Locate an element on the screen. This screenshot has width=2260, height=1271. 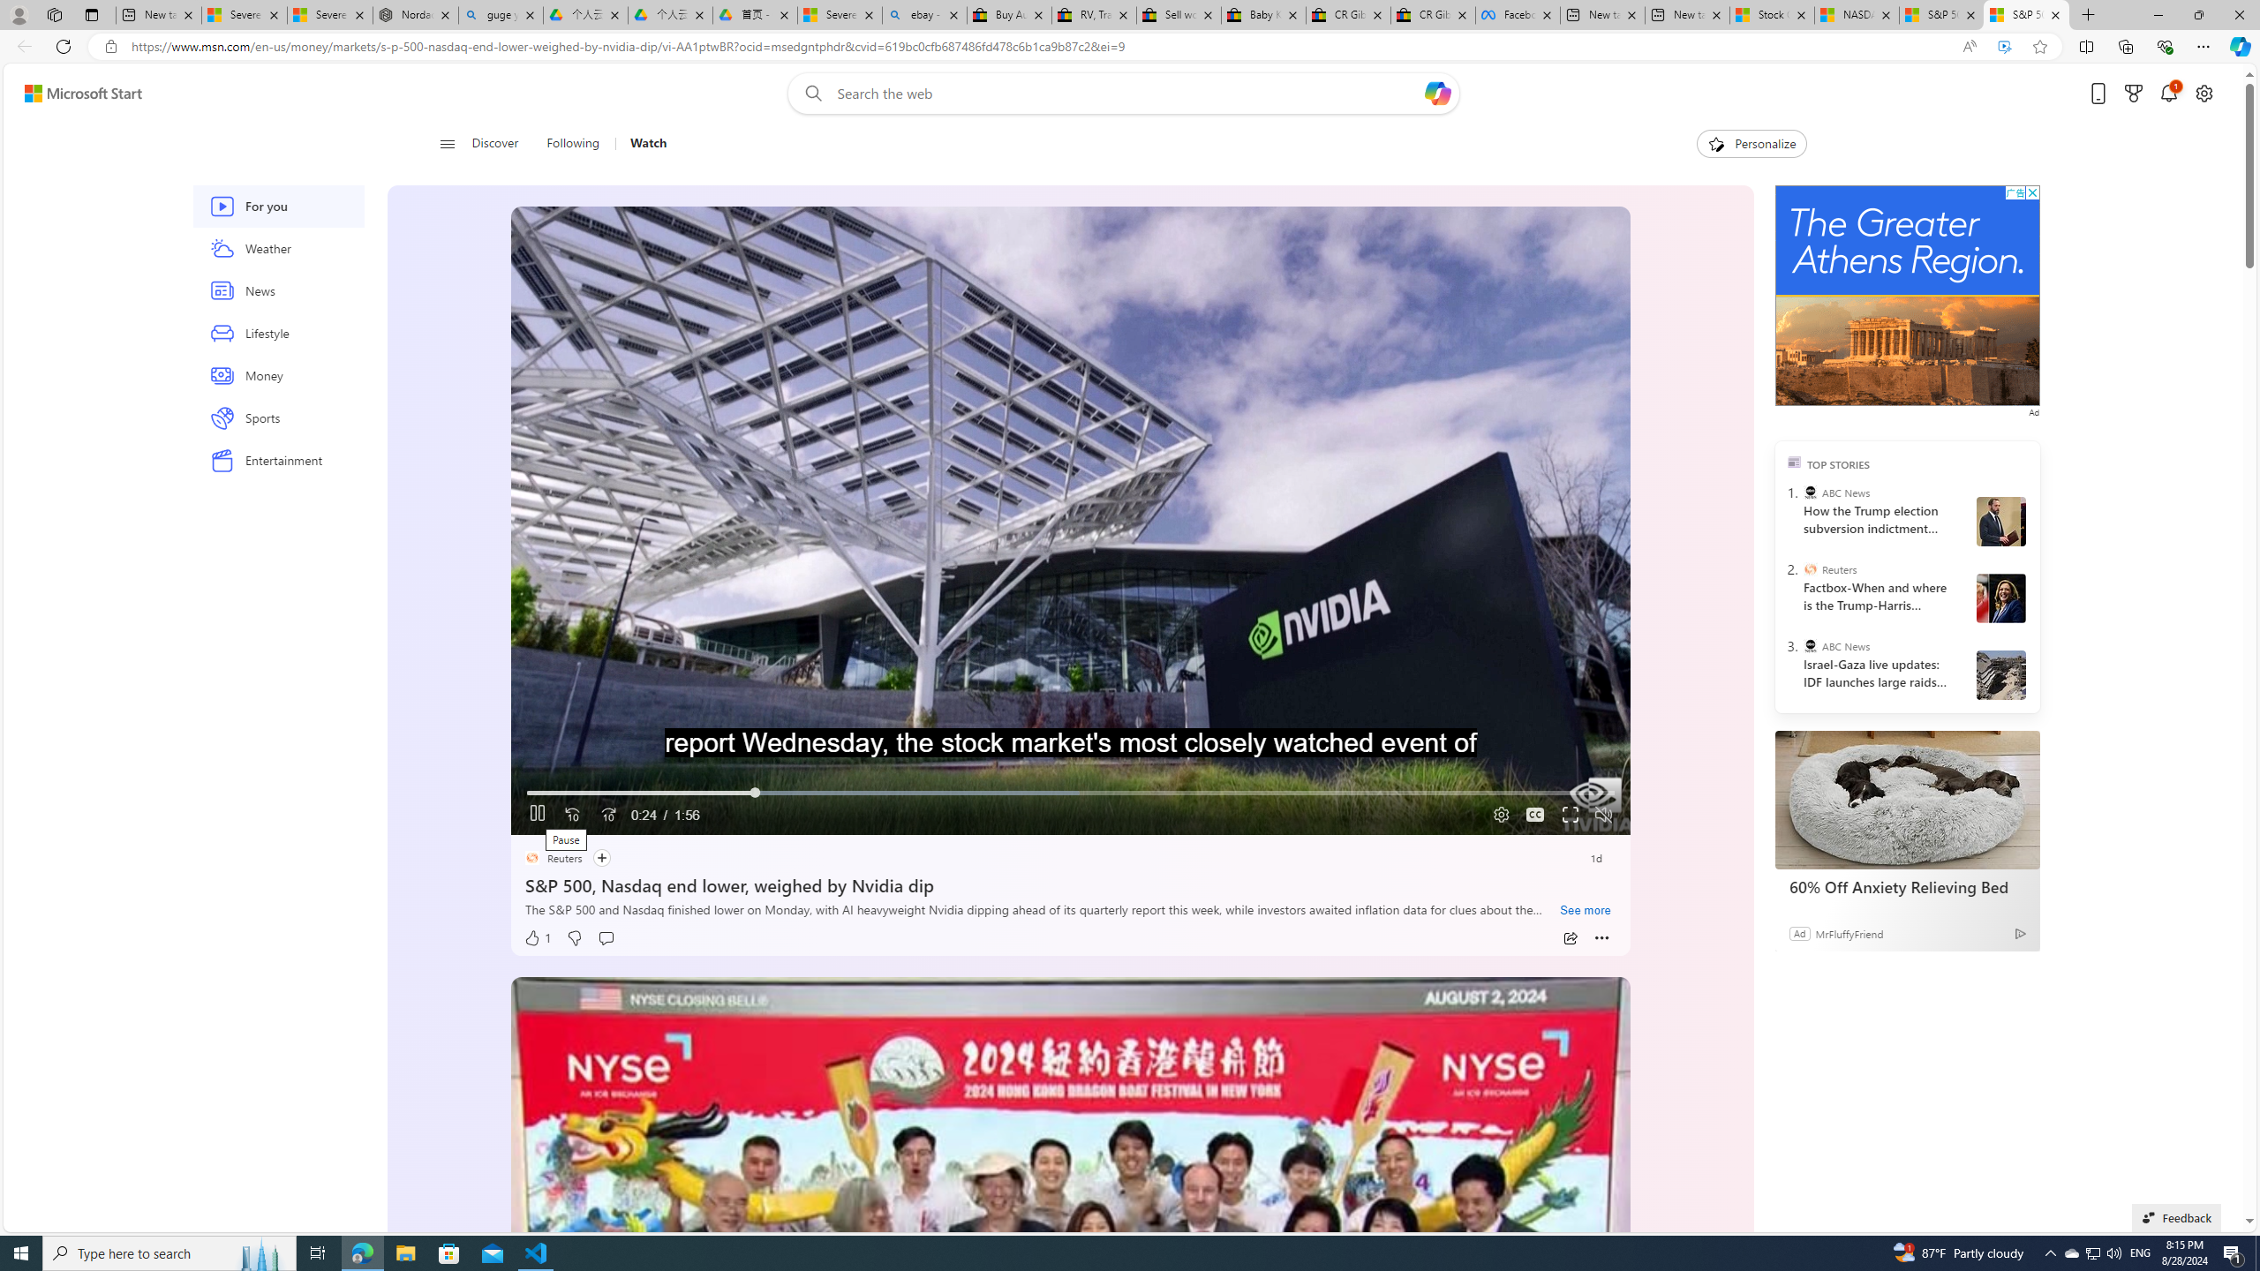
'S&P 500, Nasdaq end lower, weighed by Nvidia dip | Watch' is located at coordinates (2026, 14).